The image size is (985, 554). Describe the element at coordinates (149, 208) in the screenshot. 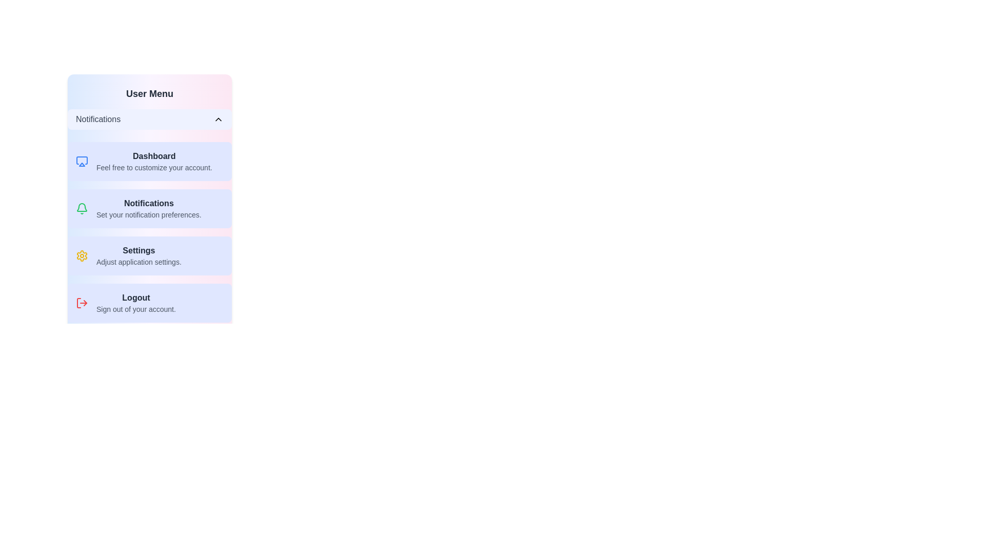

I see `the menu item Notifications to set it as the active option` at that location.